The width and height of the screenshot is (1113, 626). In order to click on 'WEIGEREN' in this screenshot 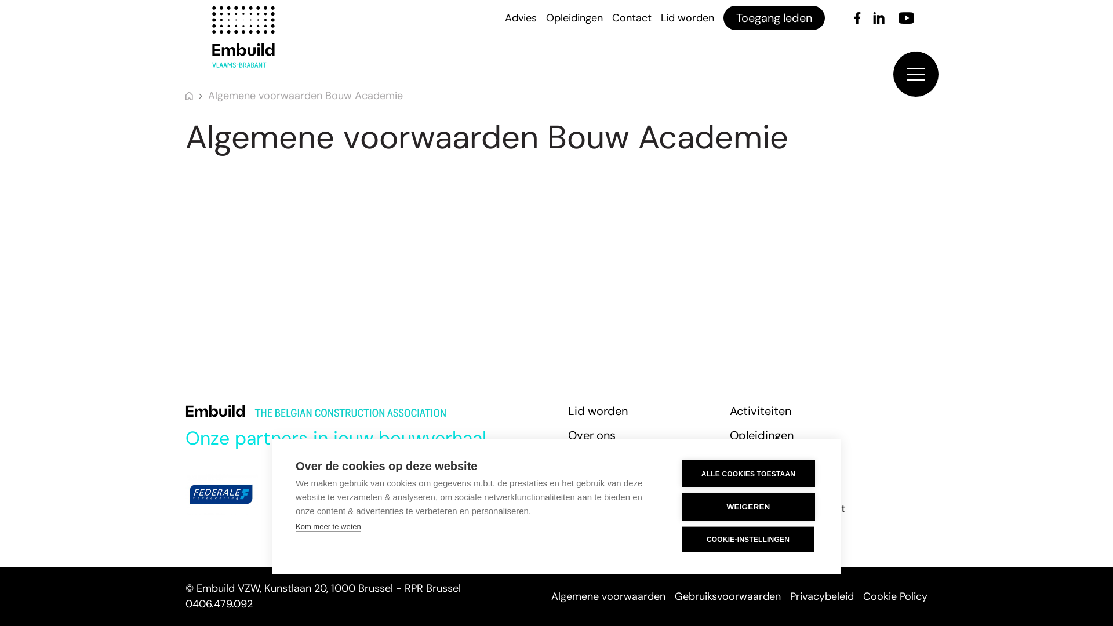, I will do `click(682, 506)`.